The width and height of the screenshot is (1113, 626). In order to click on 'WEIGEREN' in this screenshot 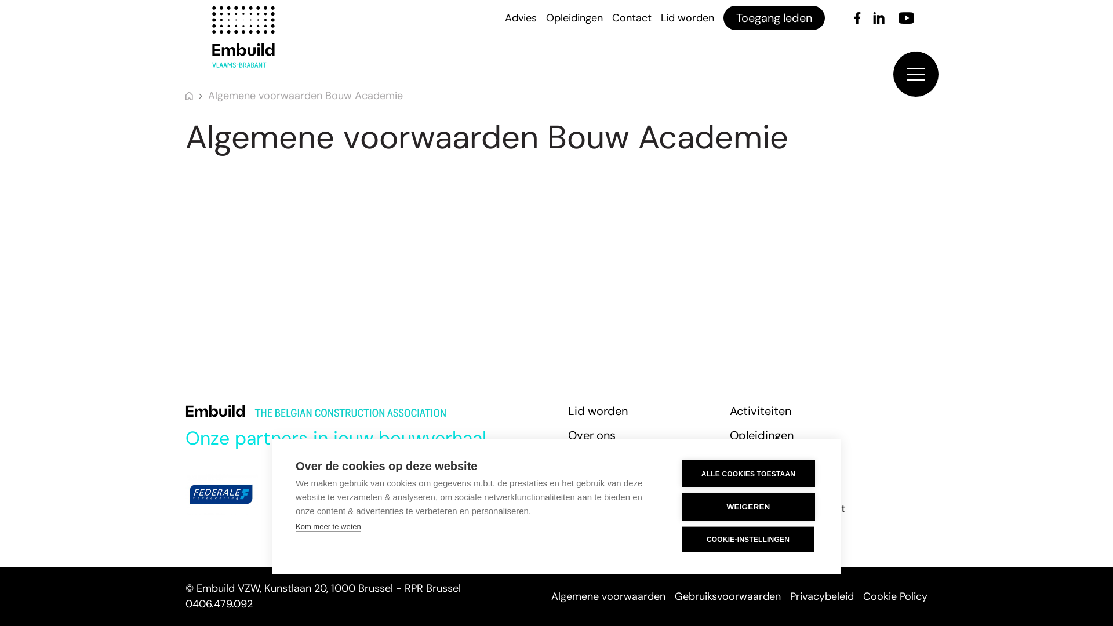, I will do `click(682, 506)`.